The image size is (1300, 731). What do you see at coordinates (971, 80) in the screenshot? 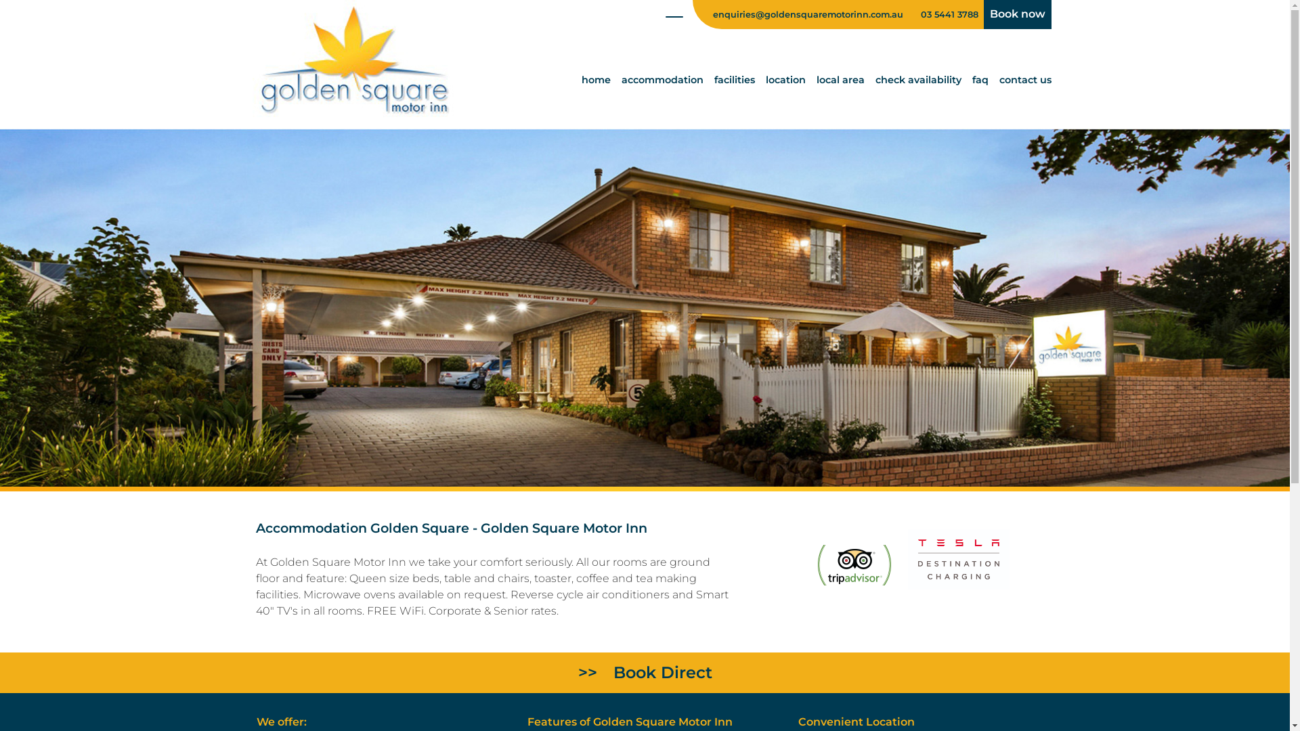
I see `'faq'` at bounding box center [971, 80].